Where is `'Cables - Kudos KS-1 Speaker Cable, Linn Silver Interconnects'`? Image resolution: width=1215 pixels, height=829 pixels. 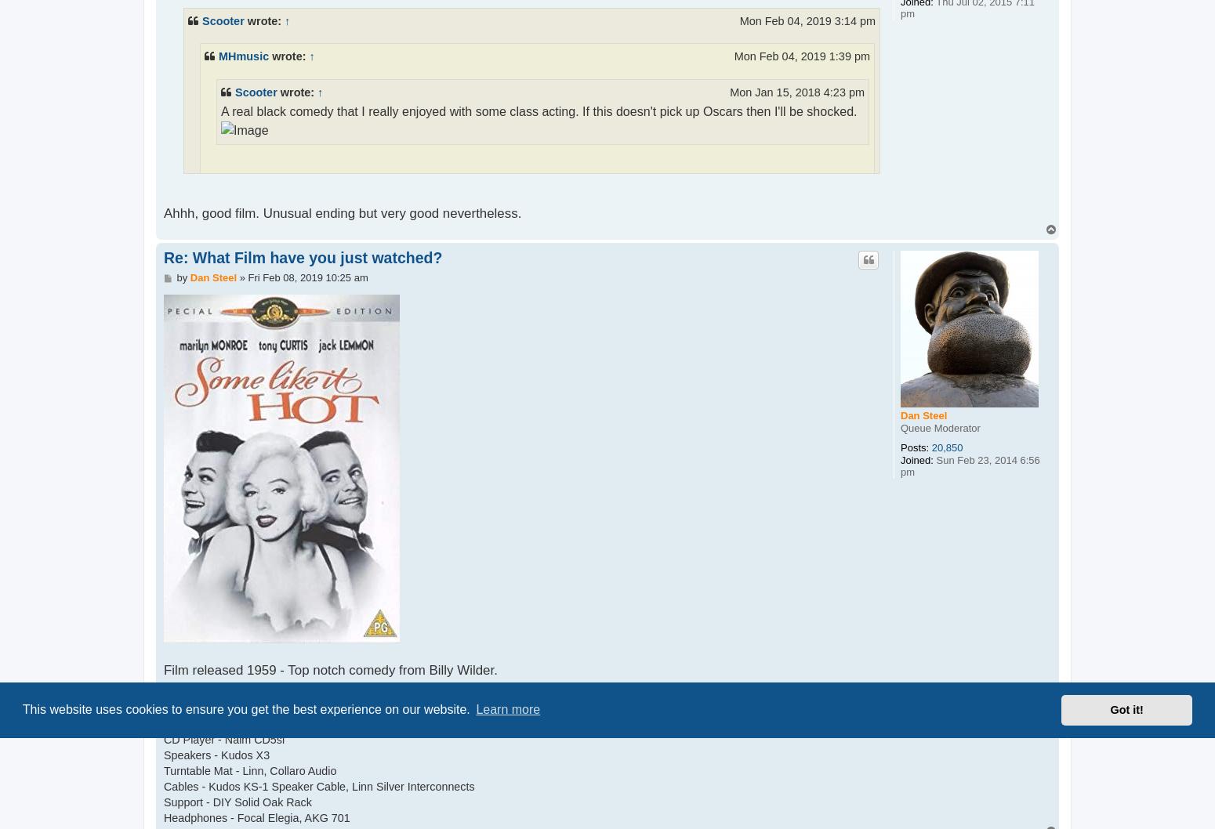 'Cables - Kudos KS-1 Speaker Cable, Linn Silver Interconnects' is located at coordinates (319, 786).